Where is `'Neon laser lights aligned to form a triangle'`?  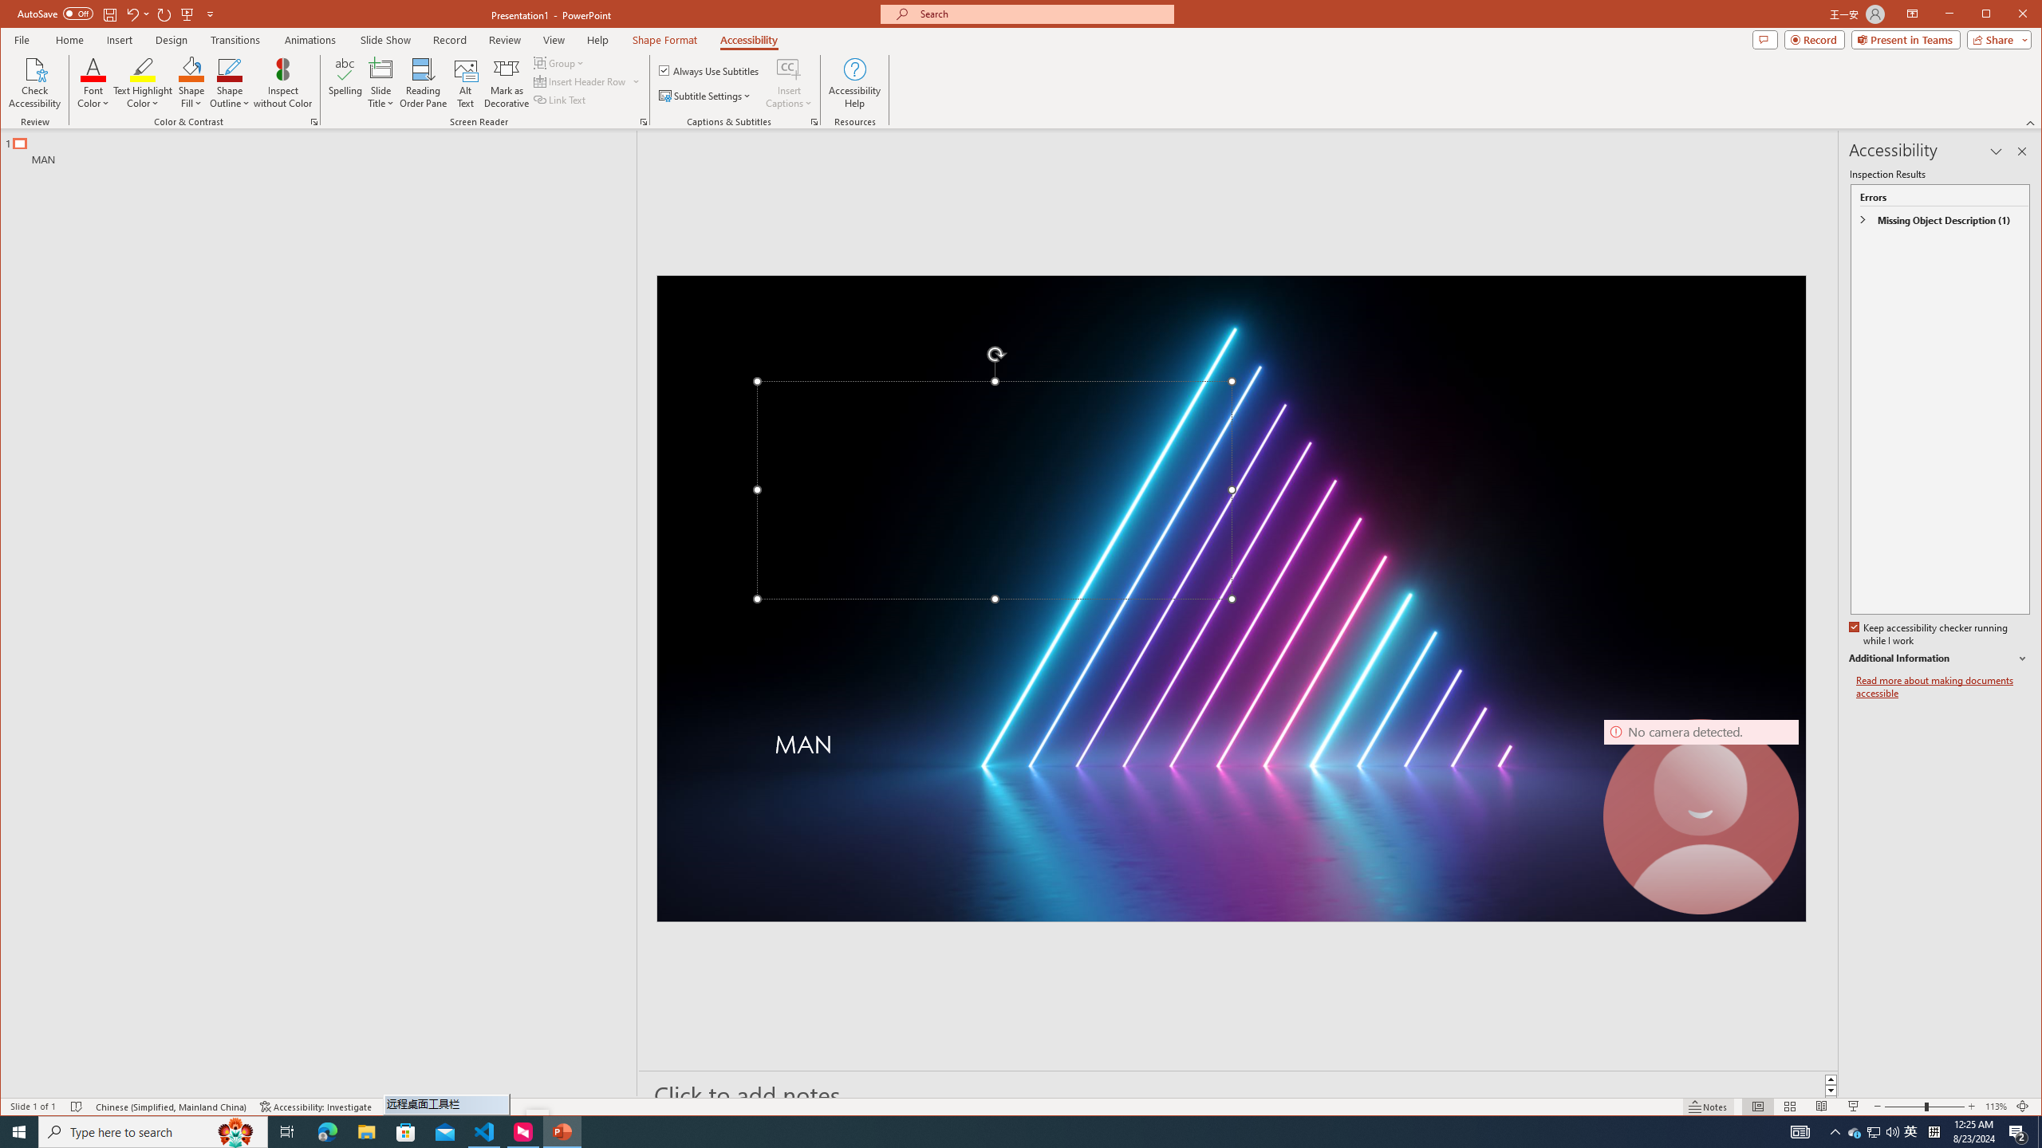
'Neon laser lights aligned to form a triangle' is located at coordinates (1230, 598).